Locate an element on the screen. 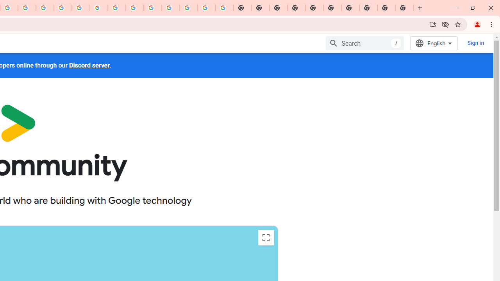 Image resolution: width=500 pixels, height=281 pixels. 'You' is located at coordinates (477, 24).